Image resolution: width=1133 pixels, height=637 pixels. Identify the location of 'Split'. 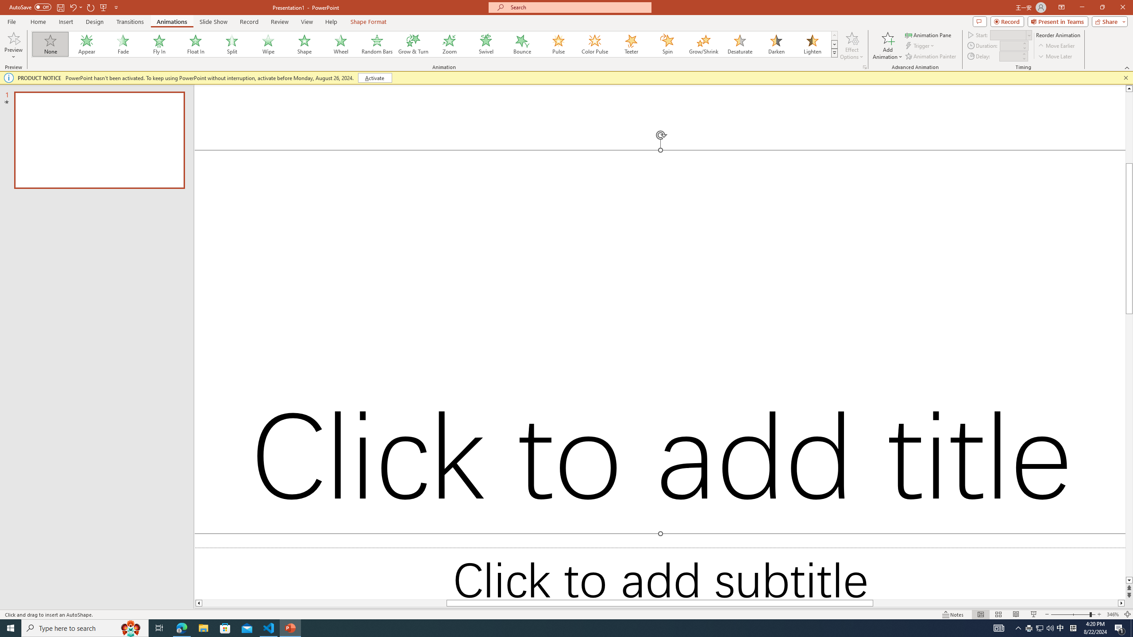
(231, 44).